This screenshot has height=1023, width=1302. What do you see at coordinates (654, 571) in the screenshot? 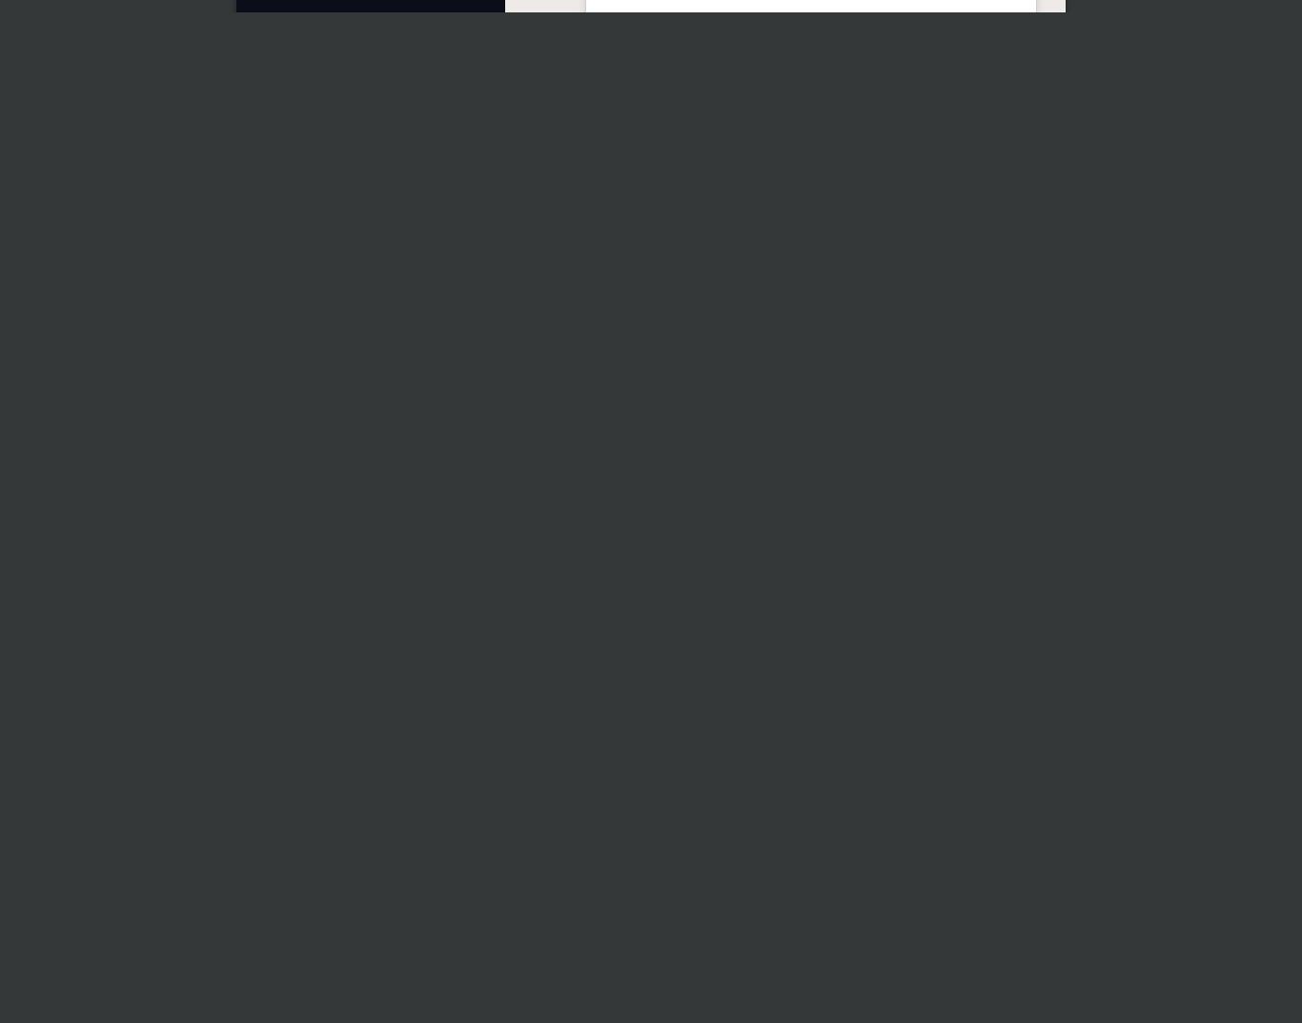
I see `'Book Talk'` at bounding box center [654, 571].